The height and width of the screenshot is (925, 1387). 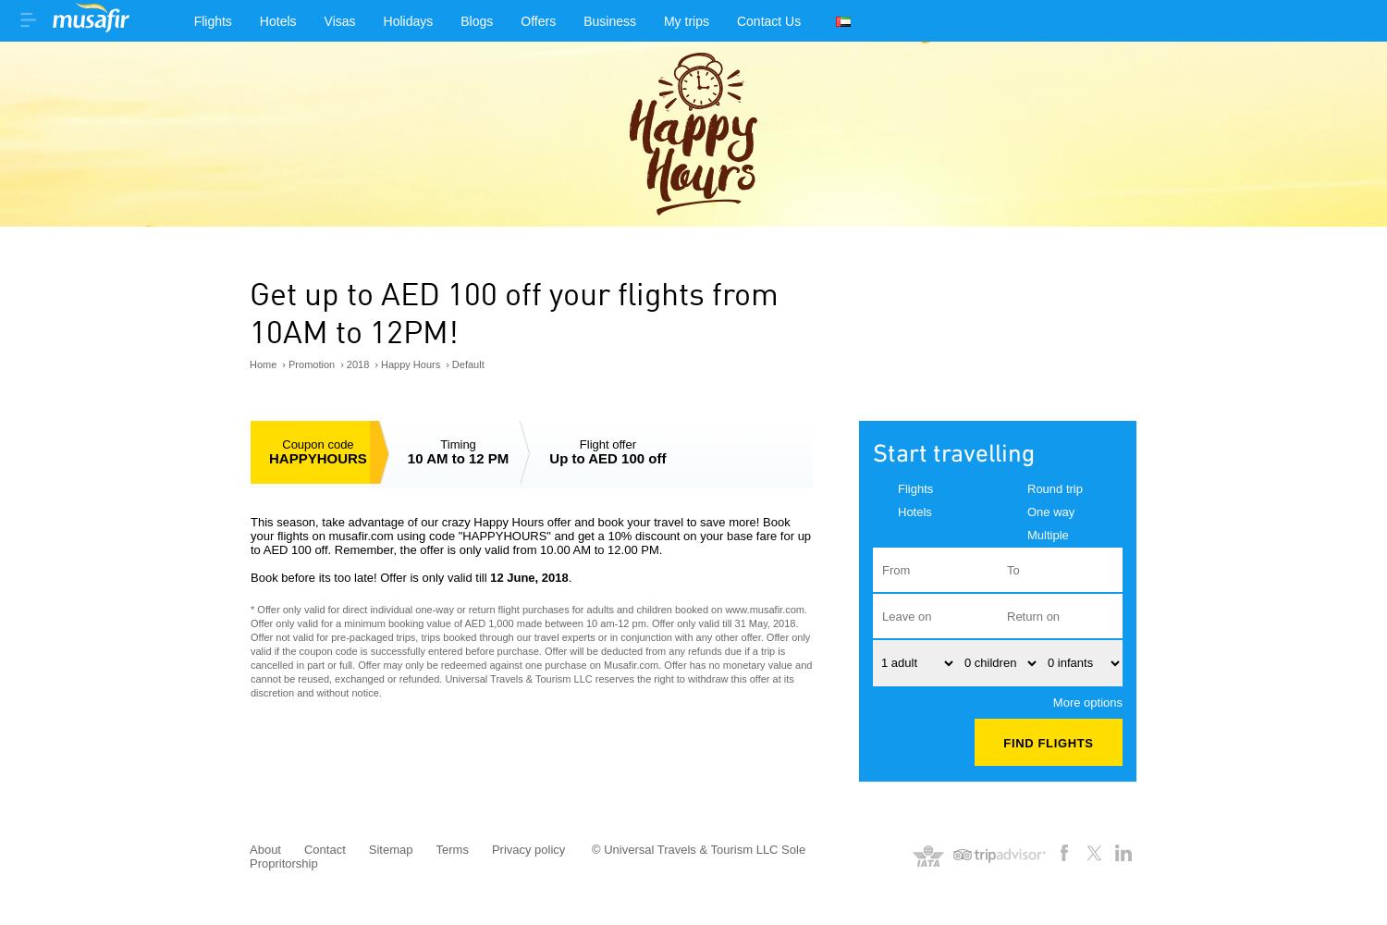 What do you see at coordinates (537, 21) in the screenshot?
I see `'Offers'` at bounding box center [537, 21].